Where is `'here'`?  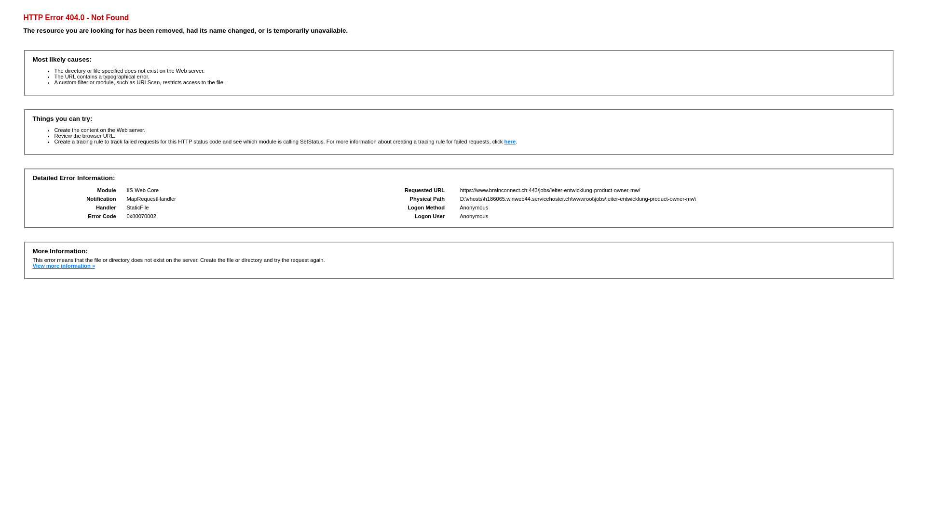
'here' is located at coordinates (509, 141).